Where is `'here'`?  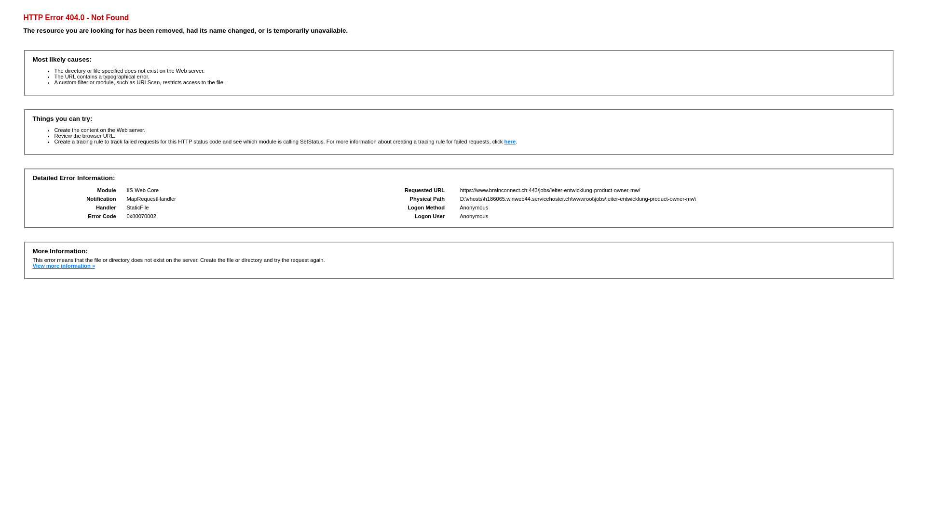
'here' is located at coordinates (509, 141).